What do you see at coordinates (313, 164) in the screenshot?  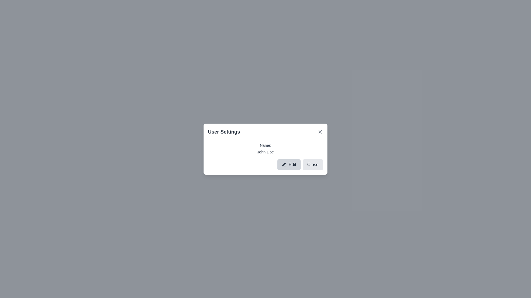 I see `the 'Close' button, which is a gray button with rounded corners located in the bottom-right part of a dialog box, to observe its hover effect` at bounding box center [313, 164].